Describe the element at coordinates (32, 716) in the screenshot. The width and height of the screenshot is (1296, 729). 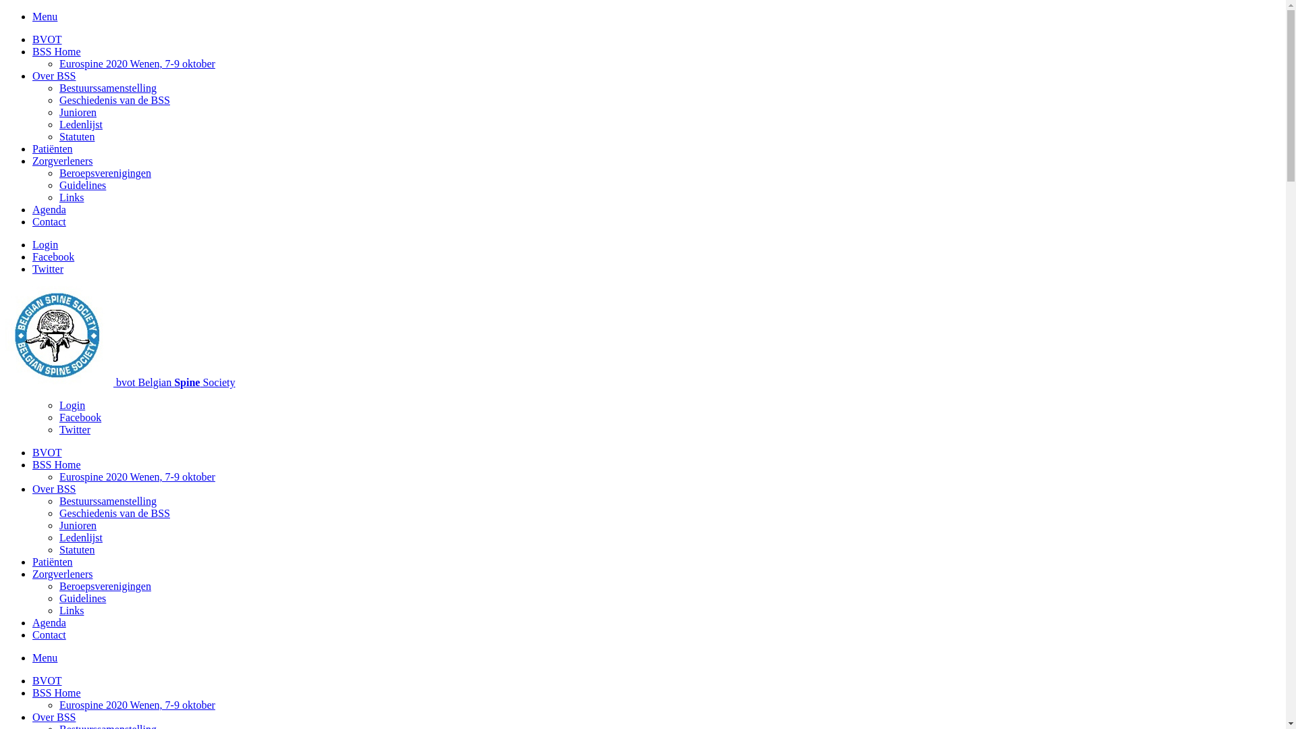
I see `'Over BSS'` at that location.